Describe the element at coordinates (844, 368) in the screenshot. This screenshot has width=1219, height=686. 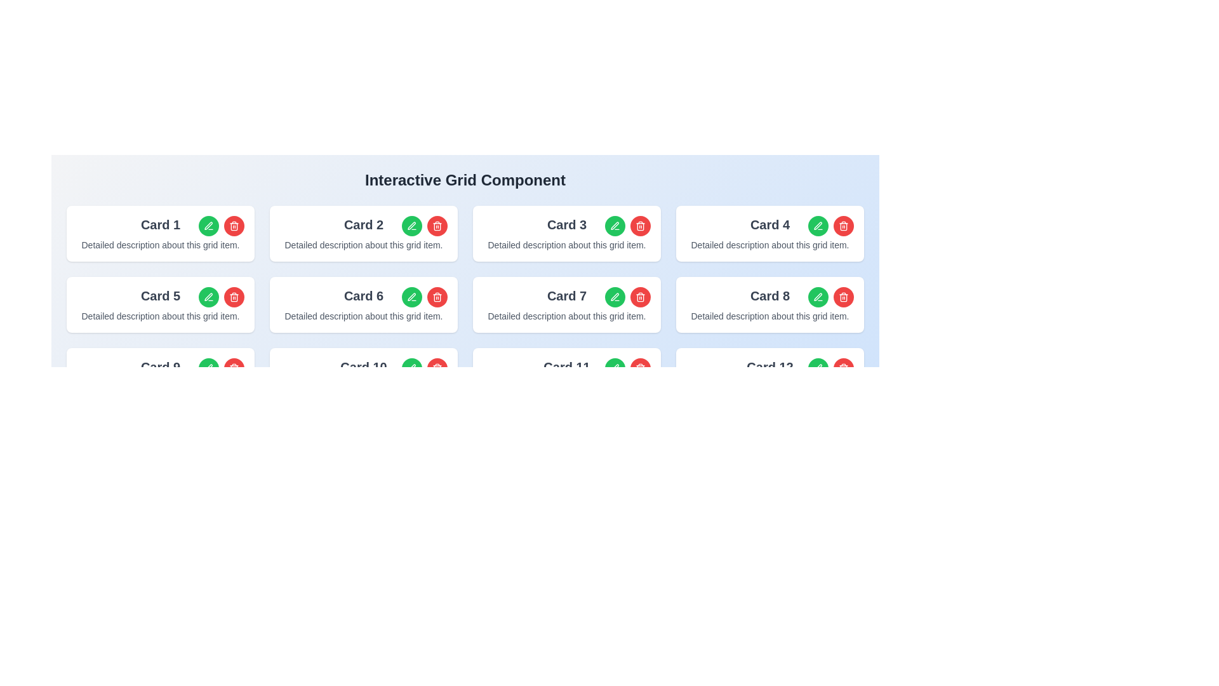
I see `the delete icon button located at the top-right corner of 'Card 13'` at that location.